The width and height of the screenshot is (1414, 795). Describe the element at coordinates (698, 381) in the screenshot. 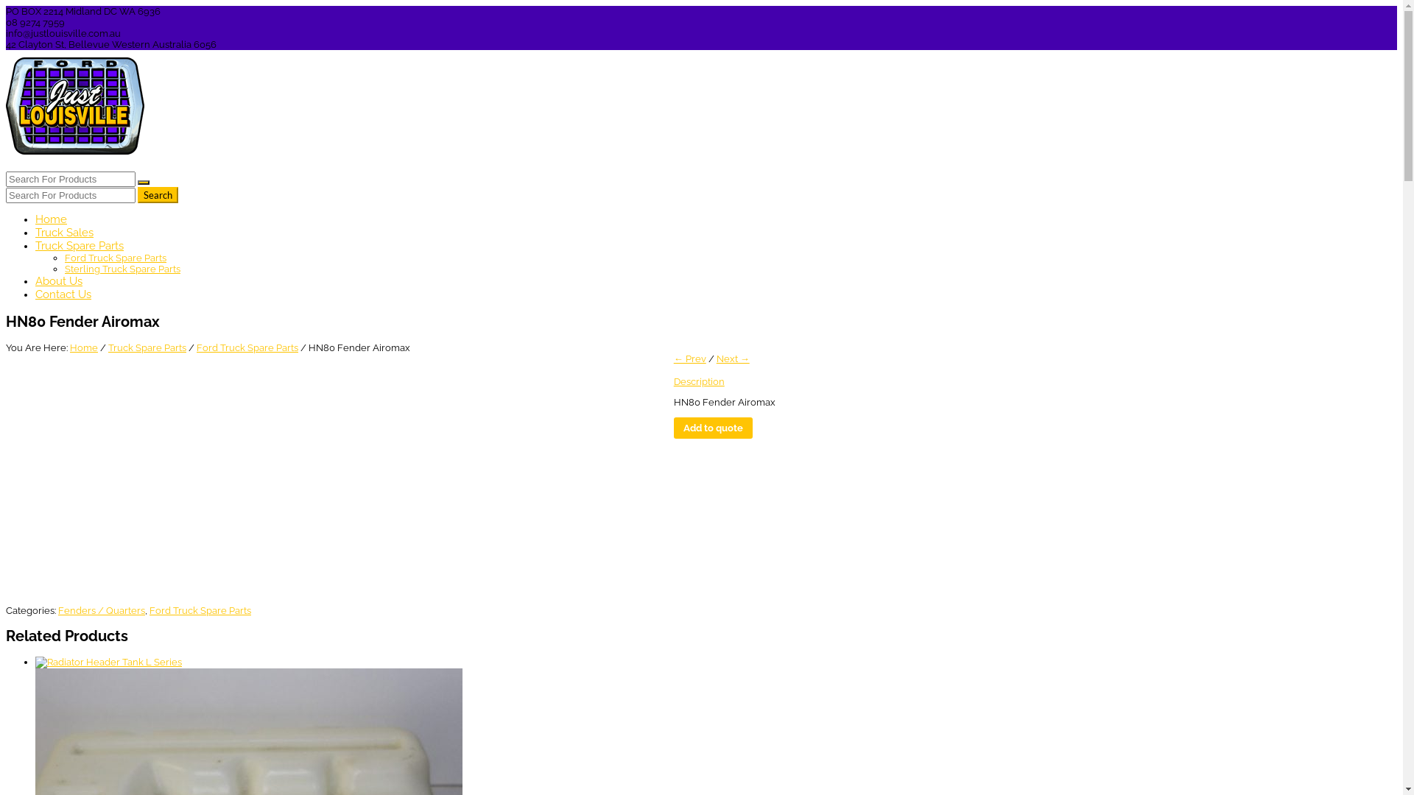

I see `'Description'` at that location.